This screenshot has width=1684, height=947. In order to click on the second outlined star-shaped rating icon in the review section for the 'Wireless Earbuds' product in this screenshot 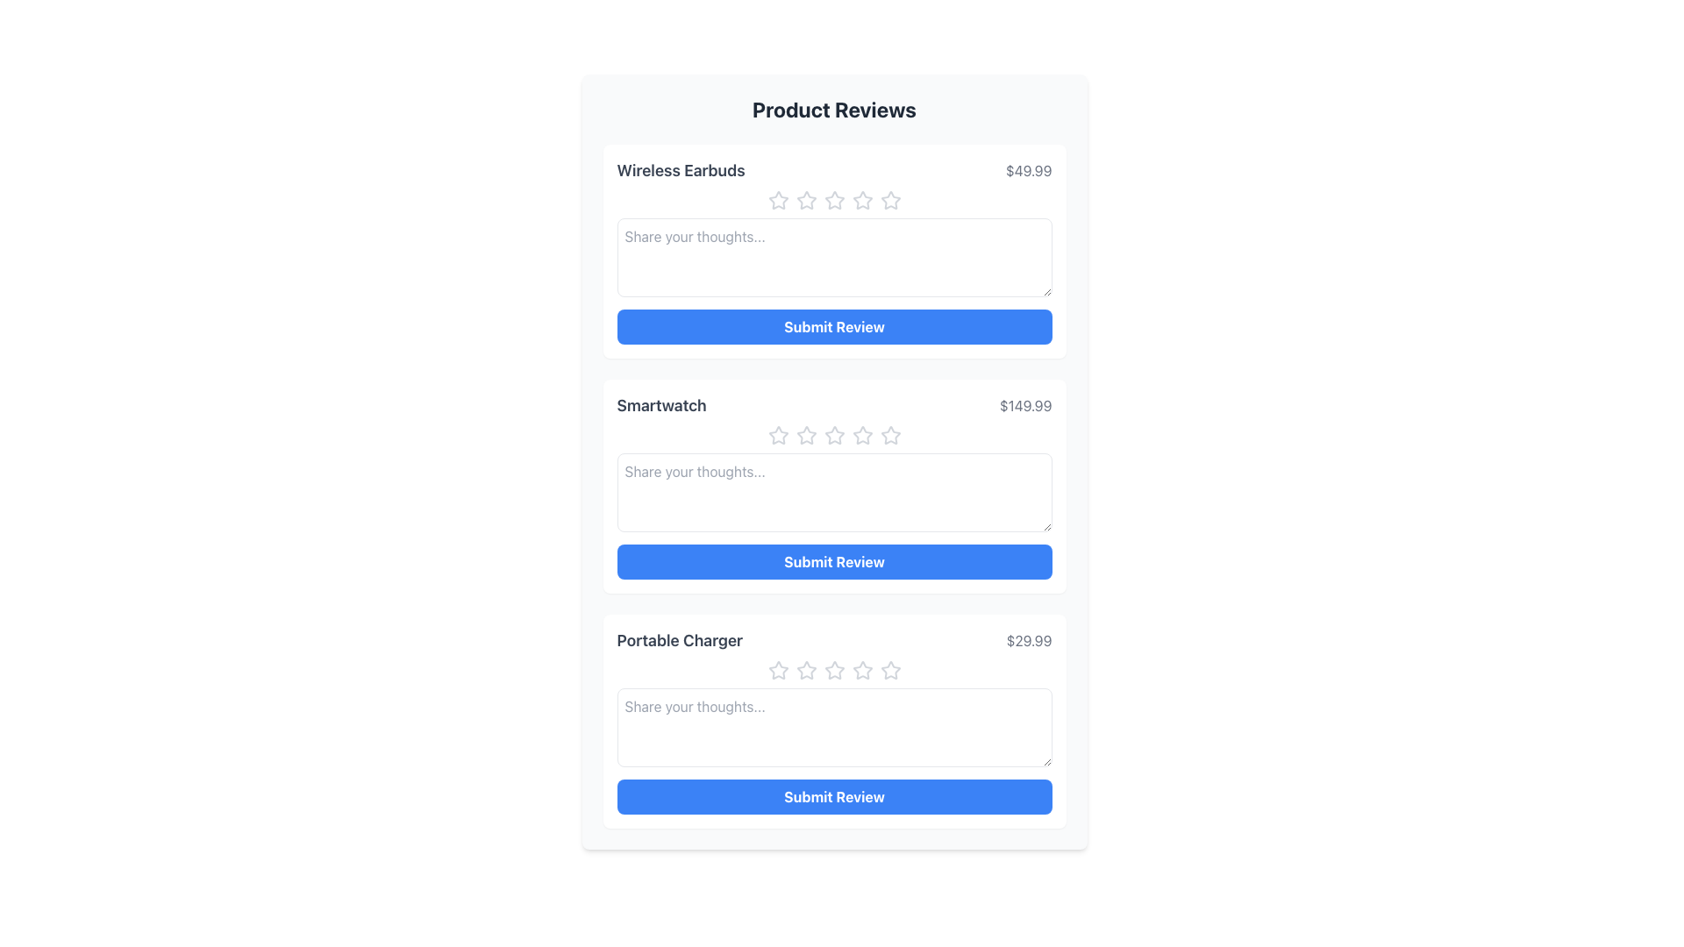, I will do `click(805, 199)`.